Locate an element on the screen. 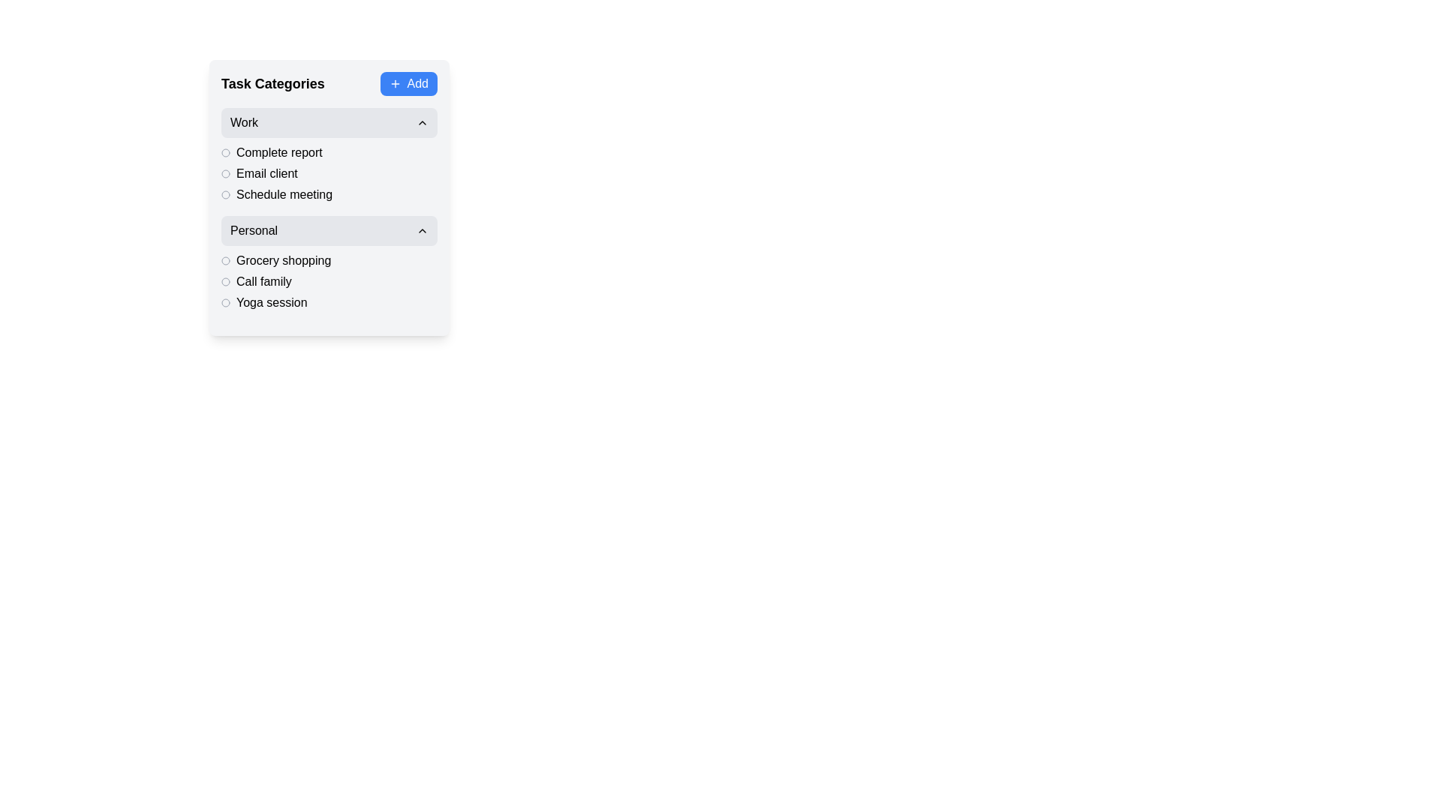 The width and height of the screenshot is (1441, 810). the visual indicator represented by the Circle SVG graphic element associated with the 'Email client' task in the 'Task Categories' section of the task management interface is located at coordinates (225, 172).